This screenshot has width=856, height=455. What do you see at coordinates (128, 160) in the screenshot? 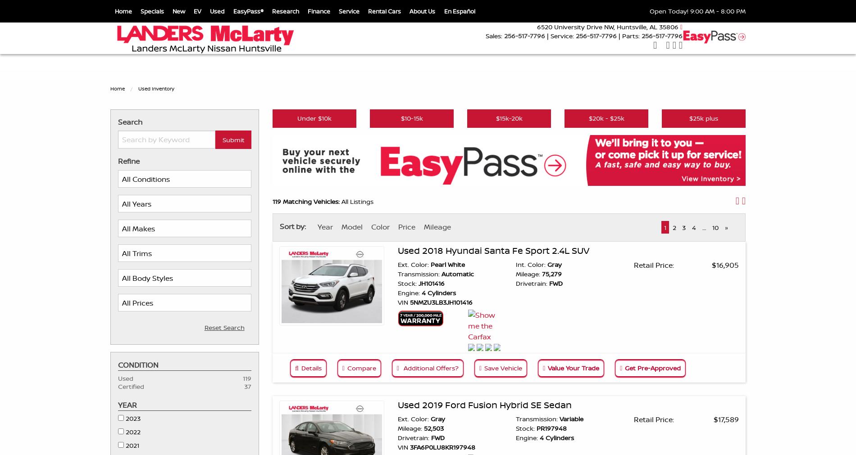
I see `'Refine'` at bounding box center [128, 160].